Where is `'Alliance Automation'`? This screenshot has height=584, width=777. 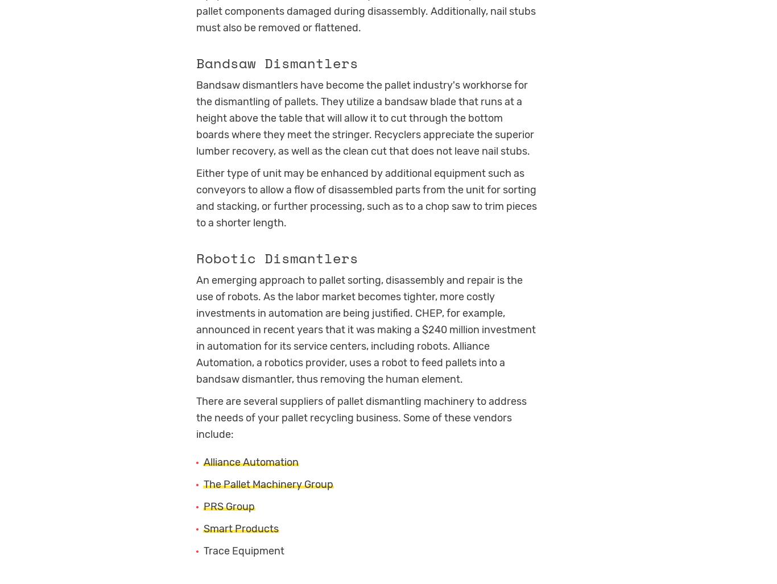 'Alliance Automation' is located at coordinates (250, 462).